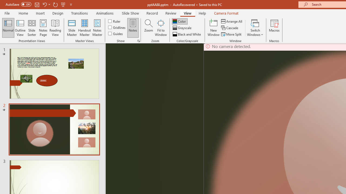  What do you see at coordinates (55, 28) in the screenshot?
I see `'Reading View'` at bounding box center [55, 28].